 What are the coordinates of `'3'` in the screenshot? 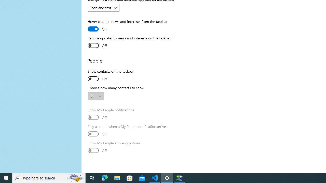 It's located at (93, 96).